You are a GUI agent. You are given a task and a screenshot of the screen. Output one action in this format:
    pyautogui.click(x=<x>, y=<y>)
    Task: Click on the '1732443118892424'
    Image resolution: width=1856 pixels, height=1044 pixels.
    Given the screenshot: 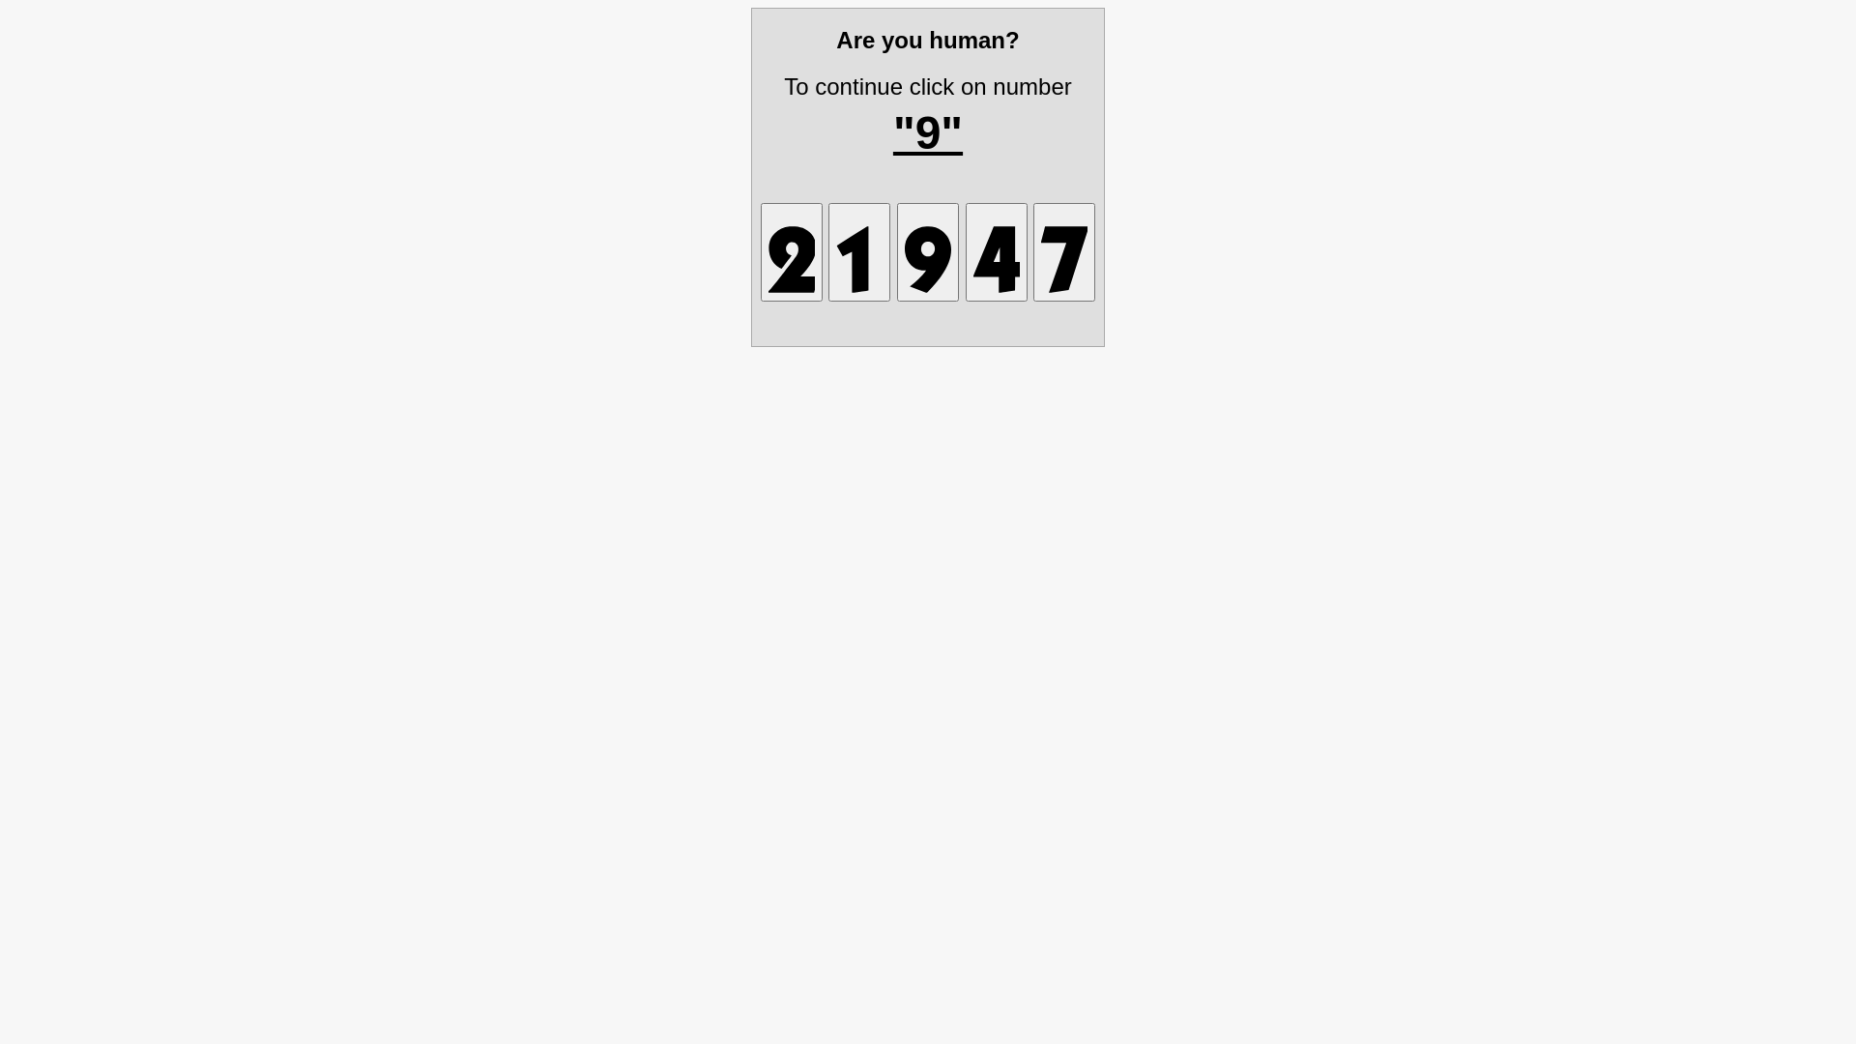 What is the action you would take?
    pyautogui.click(x=760, y=251)
    